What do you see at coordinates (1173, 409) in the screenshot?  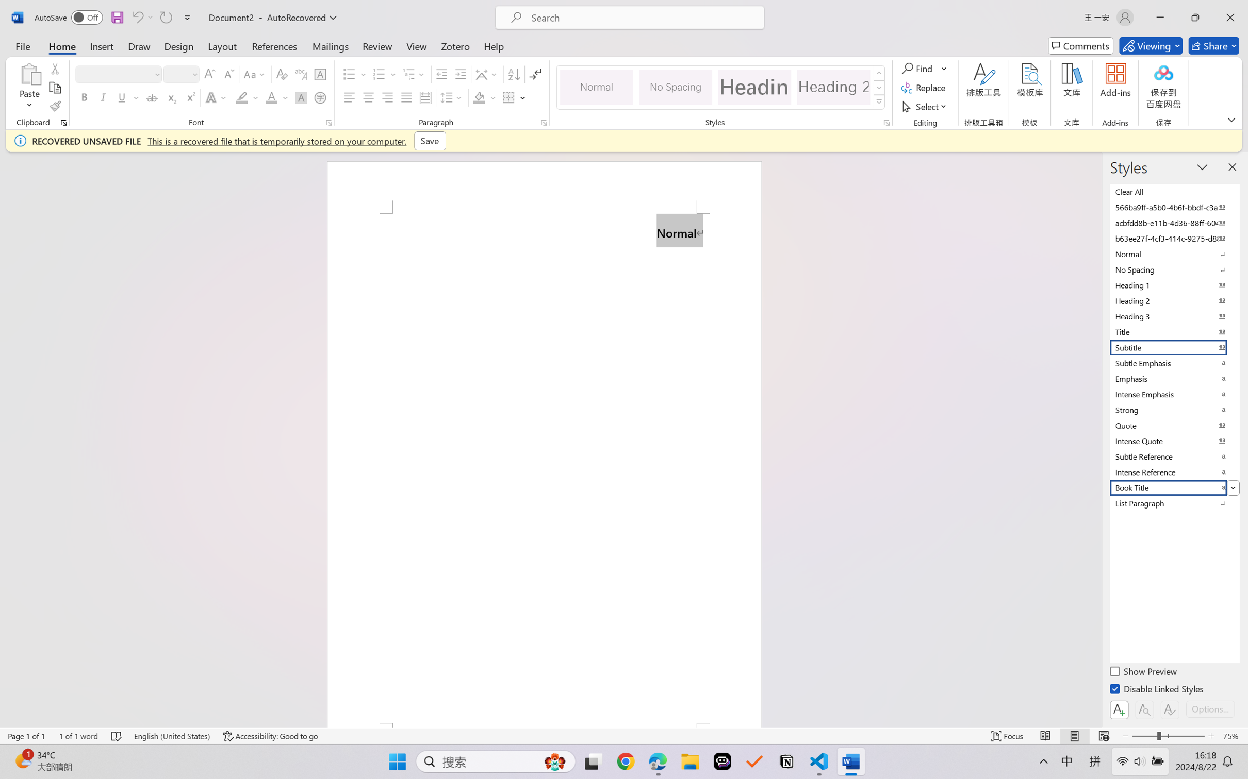 I see `'Strong'` at bounding box center [1173, 409].